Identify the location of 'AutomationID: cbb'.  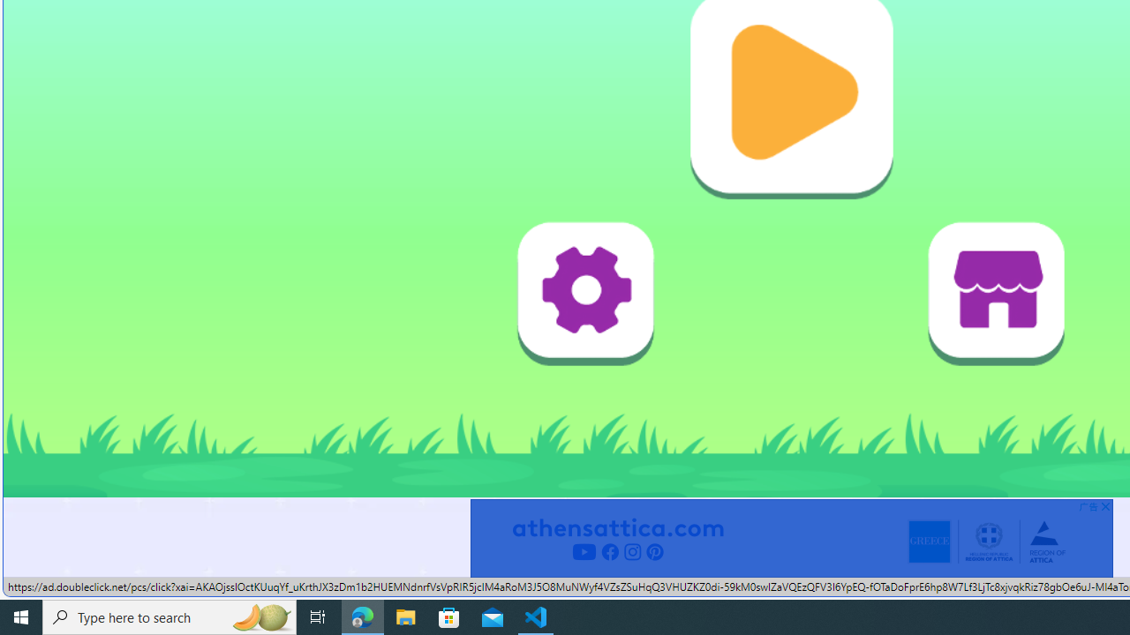
(1104, 506).